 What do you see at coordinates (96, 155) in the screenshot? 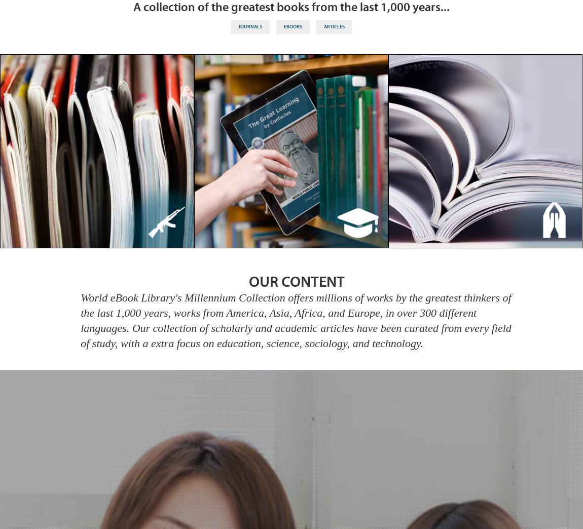
I see `'Thousands of Journals'` at bounding box center [96, 155].